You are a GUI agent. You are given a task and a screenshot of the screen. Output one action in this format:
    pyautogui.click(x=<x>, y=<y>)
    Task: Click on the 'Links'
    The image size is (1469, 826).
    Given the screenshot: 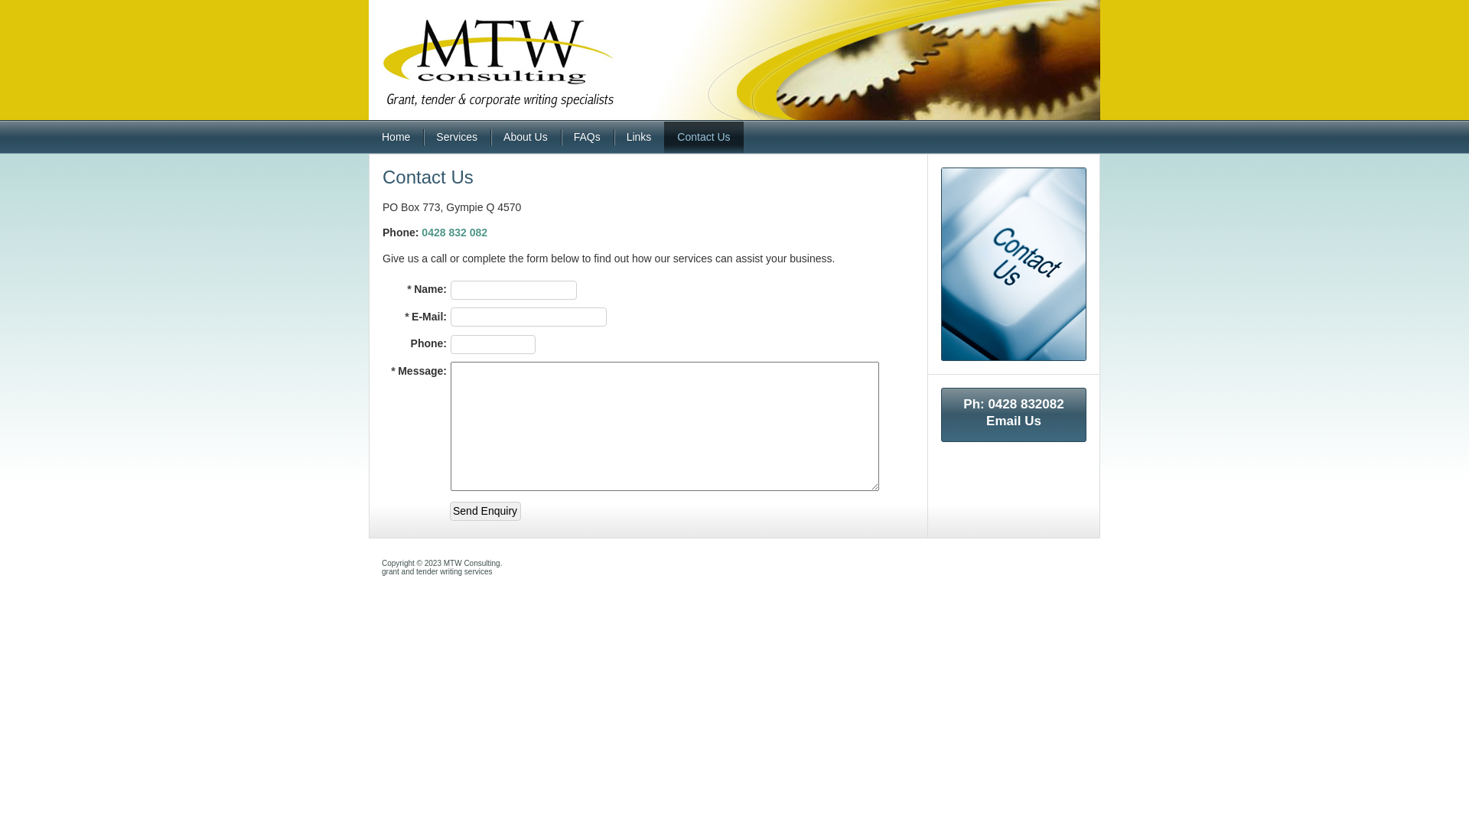 What is the action you would take?
    pyautogui.click(x=639, y=136)
    